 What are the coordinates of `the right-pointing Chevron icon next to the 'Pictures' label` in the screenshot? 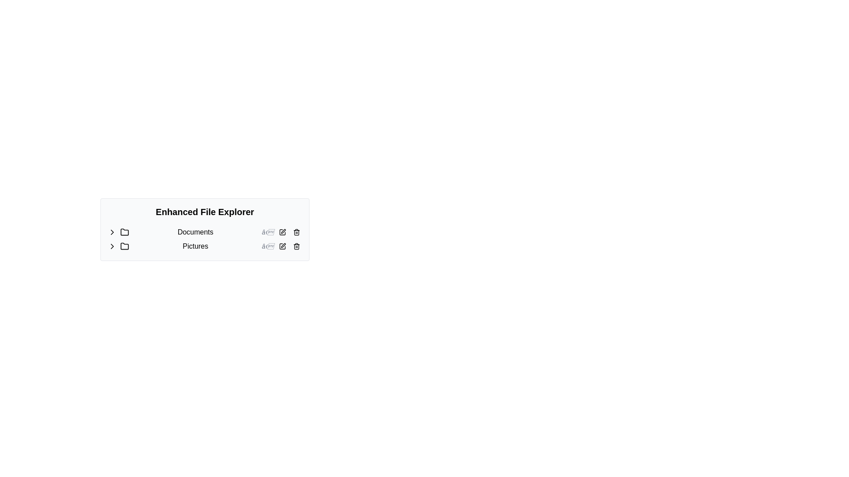 It's located at (112, 246).